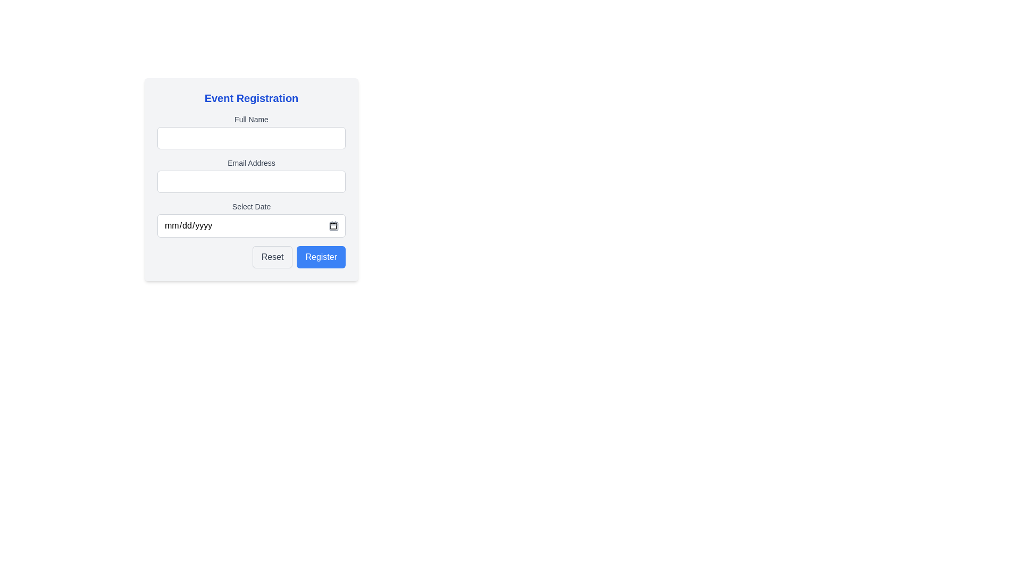 This screenshot has width=1021, height=574. What do you see at coordinates (272, 257) in the screenshot?
I see `the 'Reset' button, which is a rectangular button with a light gray border and a white background` at bounding box center [272, 257].